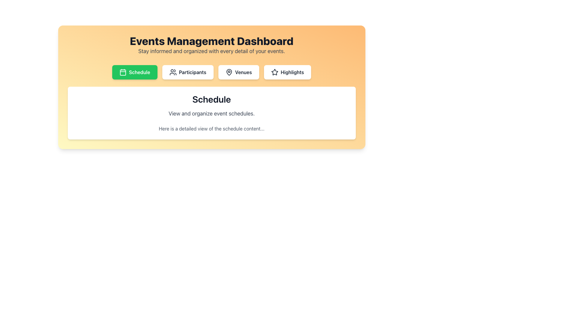 The image size is (576, 324). What do you see at coordinates (243, 72) in the screenshot?
I see `the Text label part of the button in the third slot of four horizontally-aligned buttons` at bounding box center [243, 72].